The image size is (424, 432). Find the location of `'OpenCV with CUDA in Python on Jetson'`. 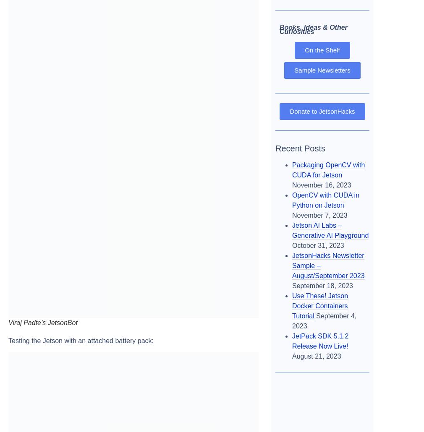

'OpenCV with CUDA in Python on Jetson' is located at coordinates (325, 199).